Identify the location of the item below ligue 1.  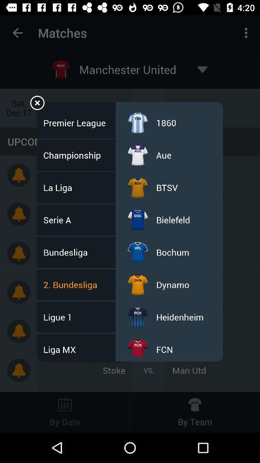
(63, 349).